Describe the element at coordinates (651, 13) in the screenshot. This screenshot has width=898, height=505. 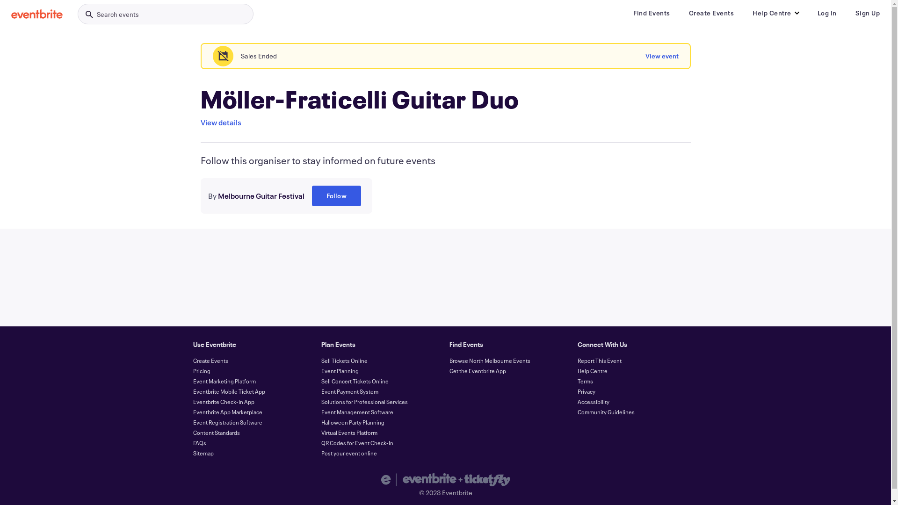
I see `'Find Events'` at that location.